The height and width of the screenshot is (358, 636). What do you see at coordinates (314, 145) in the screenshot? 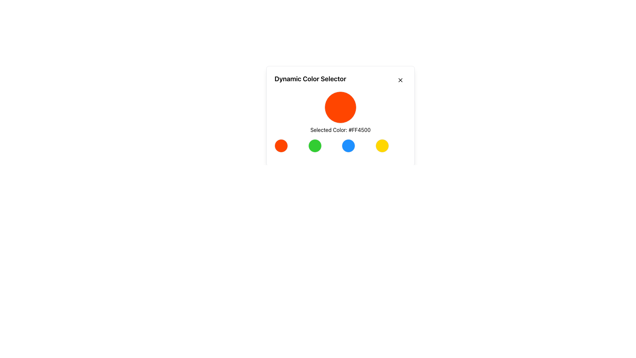
I see `the second circular button in a row of four that represents the green color` at bounding box center [314, 145].